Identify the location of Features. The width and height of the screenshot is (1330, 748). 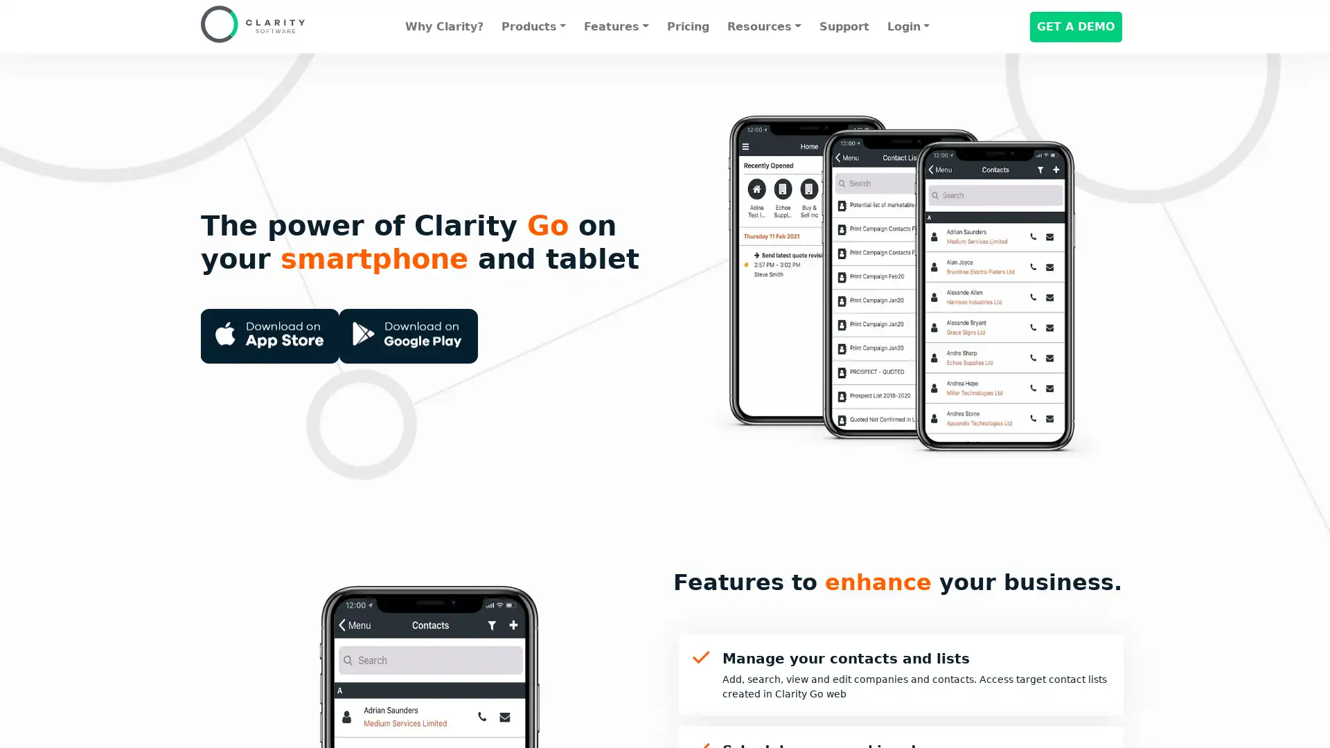
(615, 26).